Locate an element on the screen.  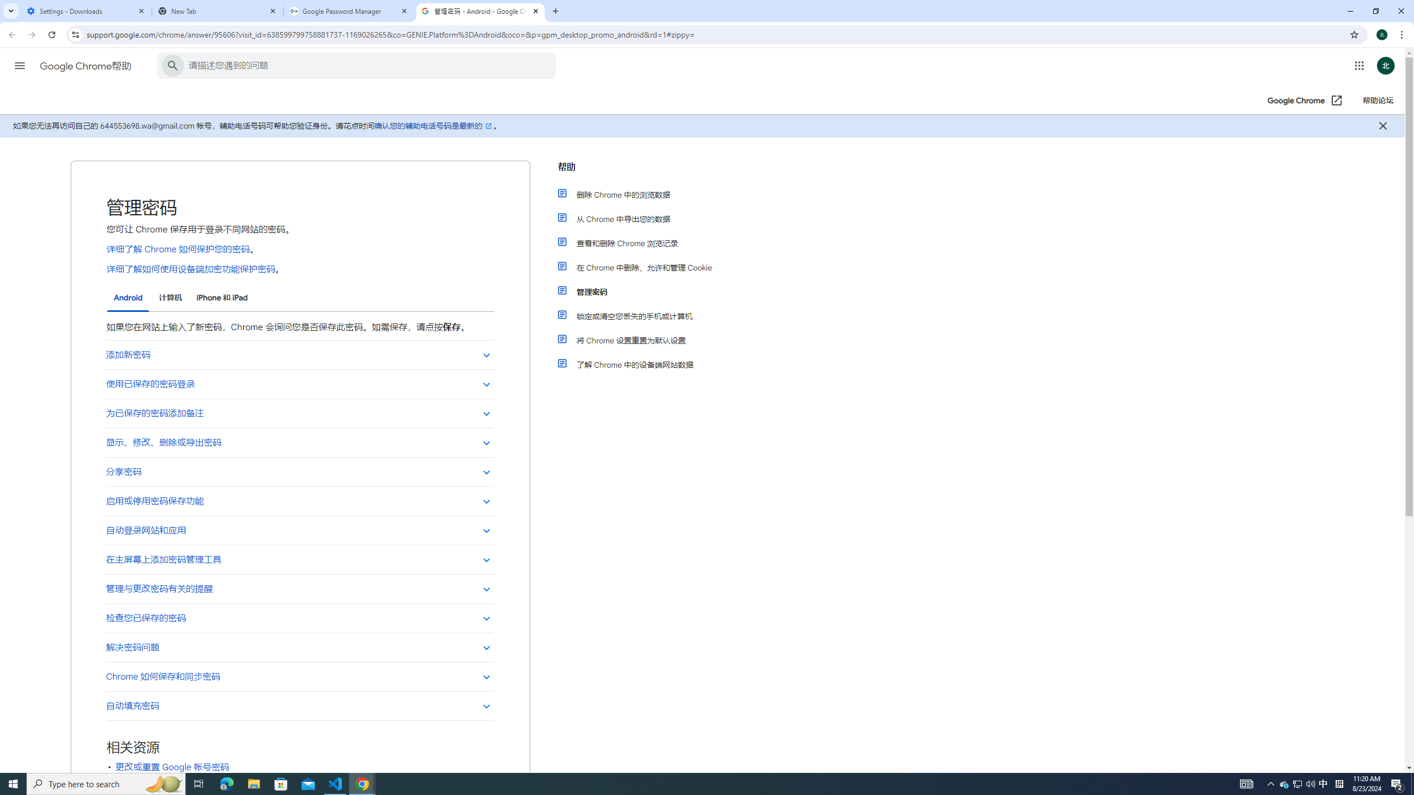
'Android' is located at coordinates (128, 298).